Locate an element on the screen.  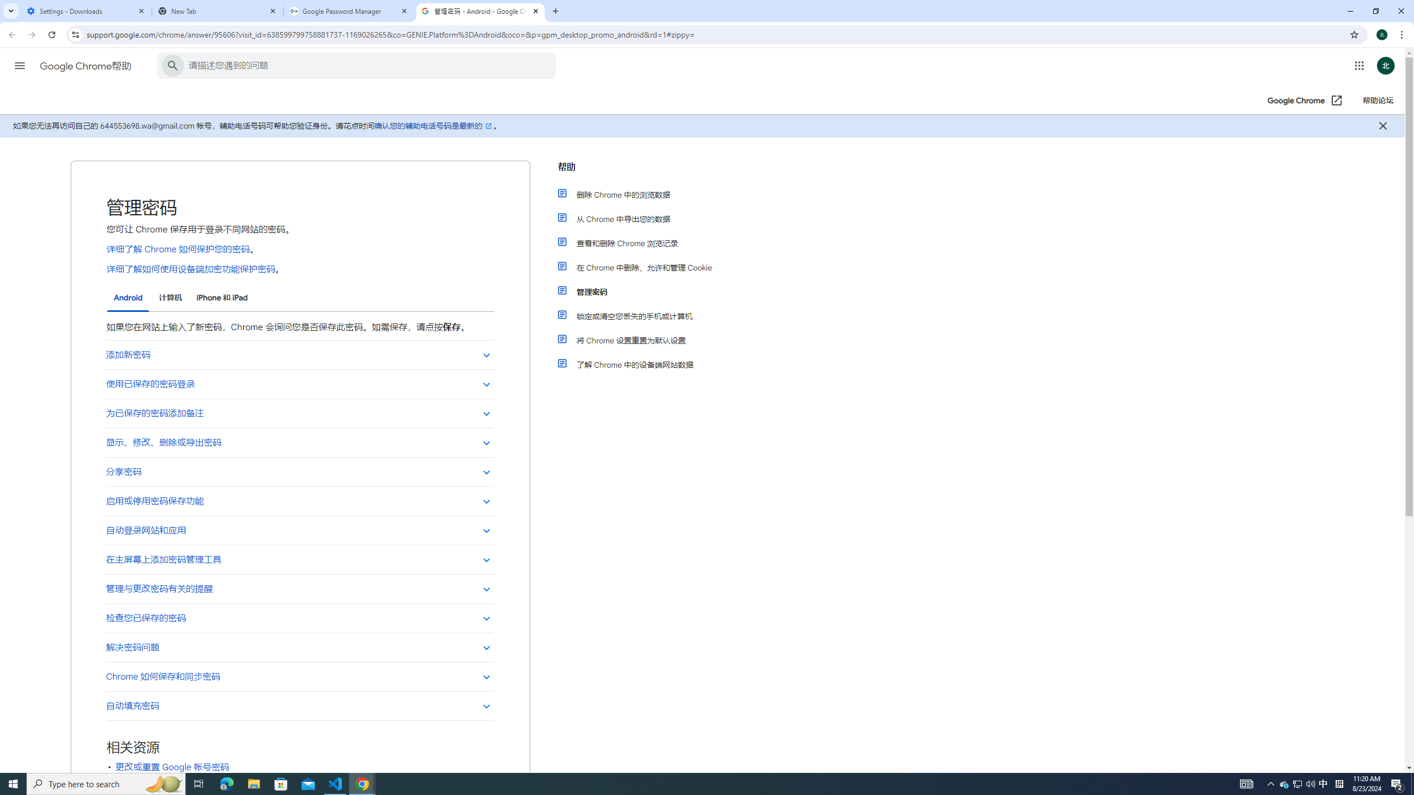
'Android' is located at coordinates (128, 298).